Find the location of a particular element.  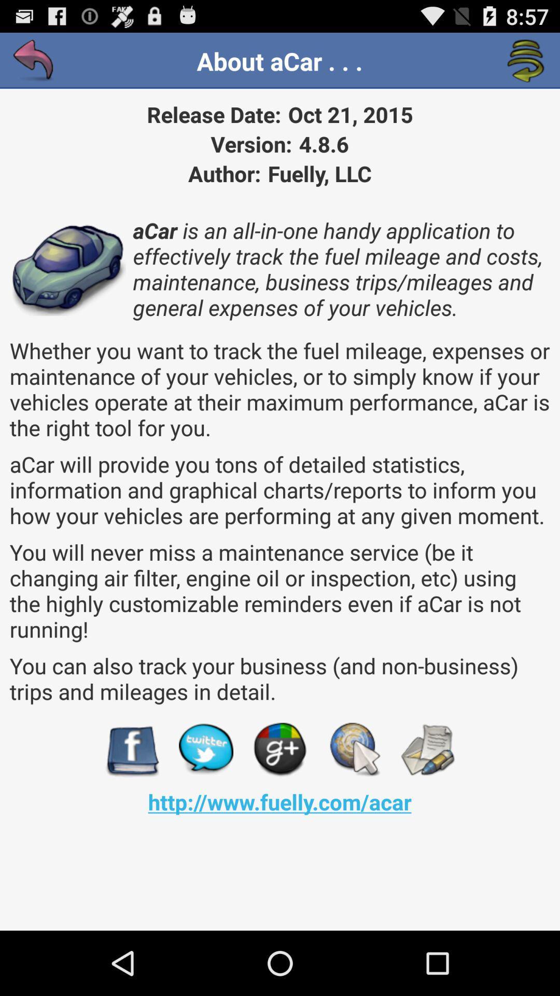

the item next to about acar . . . icon is located at coordinates (33, 61).